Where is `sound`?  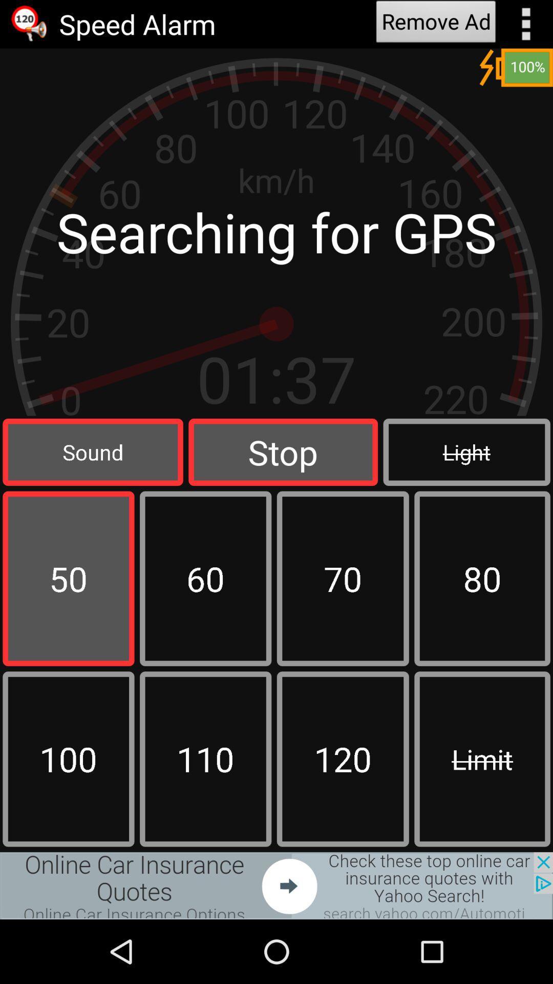 sound is located at coordinates (93, 452).